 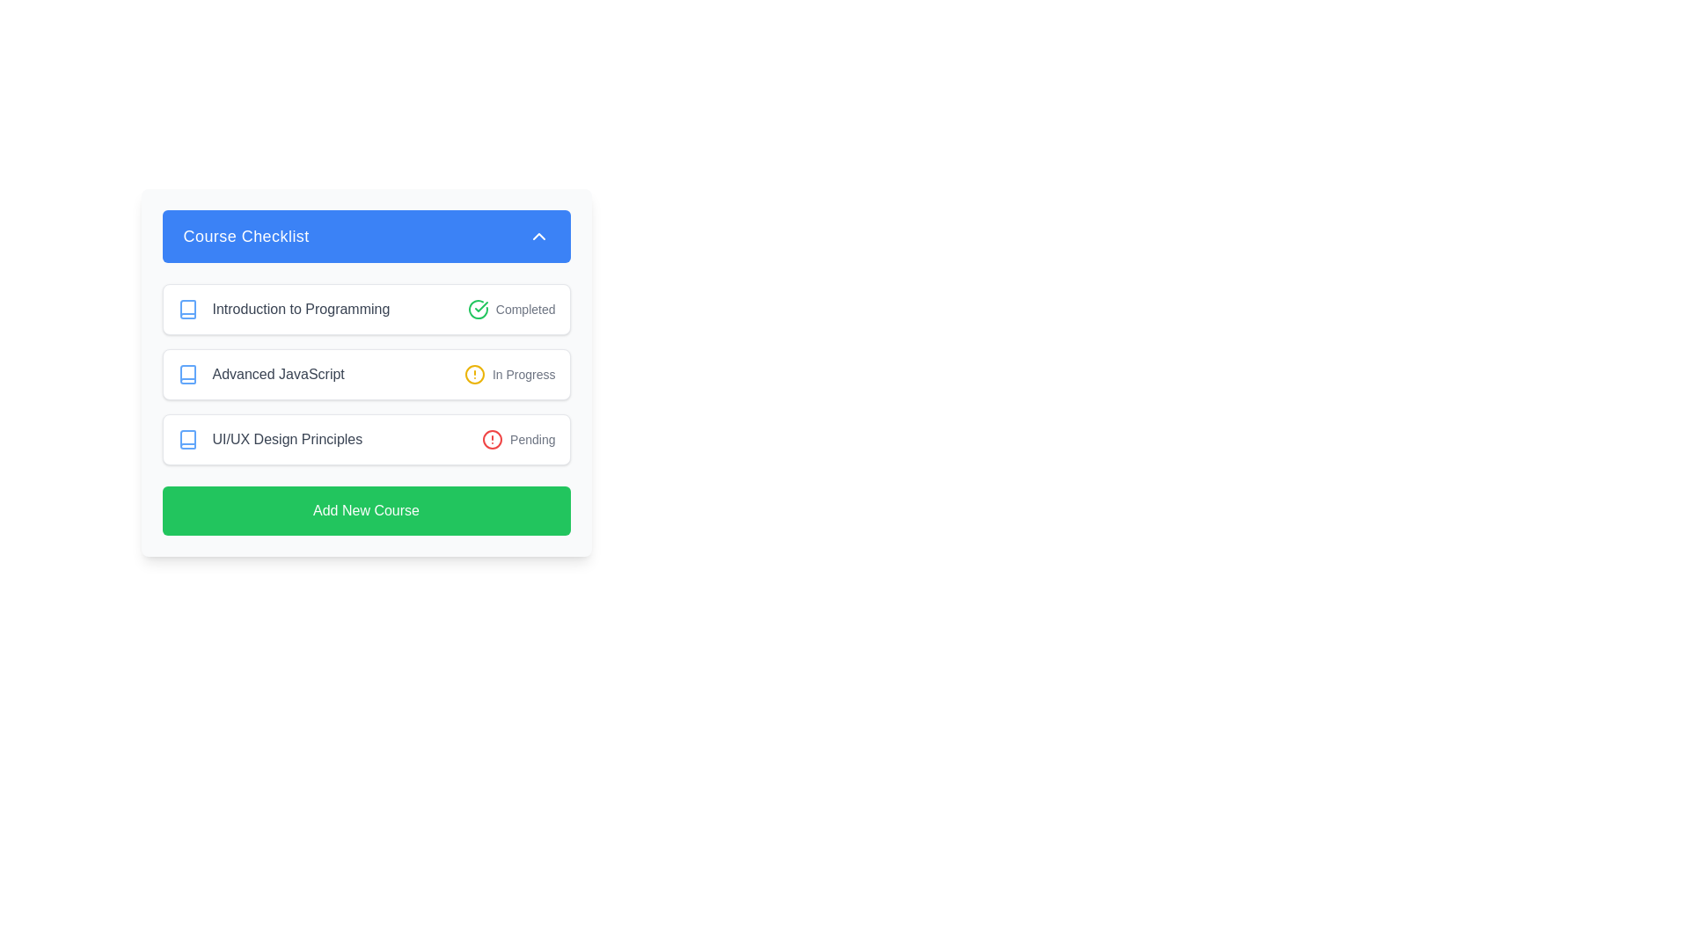 I want to click on the text label displaying 'Completed' in gray, located to the right of the green circular checkmark in the 'Introduction to Programming' row of the 'Course Checklist', so click(x=524, y=308).